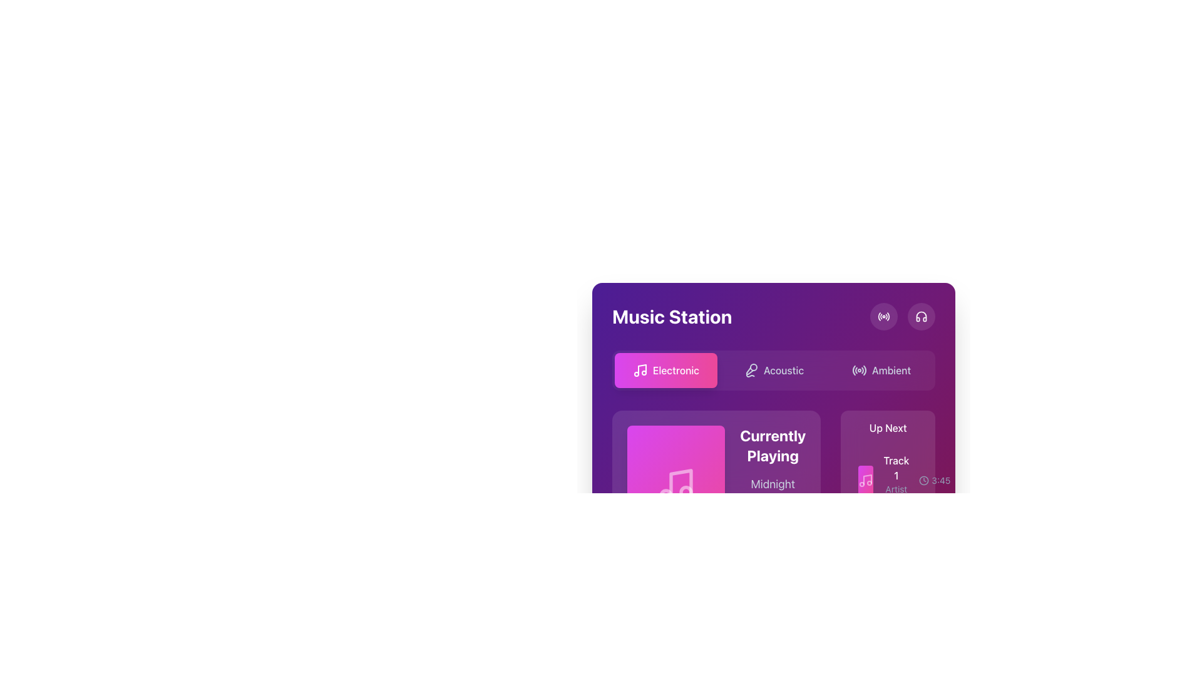 The width and height of the screenshot is (1202, 676). What do you see at coordinates (665, 494) in the screenshot?
I see `the decorative Graphical Circle SVG element located at the bottom left of the music-themed interface` at bounding box center [665, 494].